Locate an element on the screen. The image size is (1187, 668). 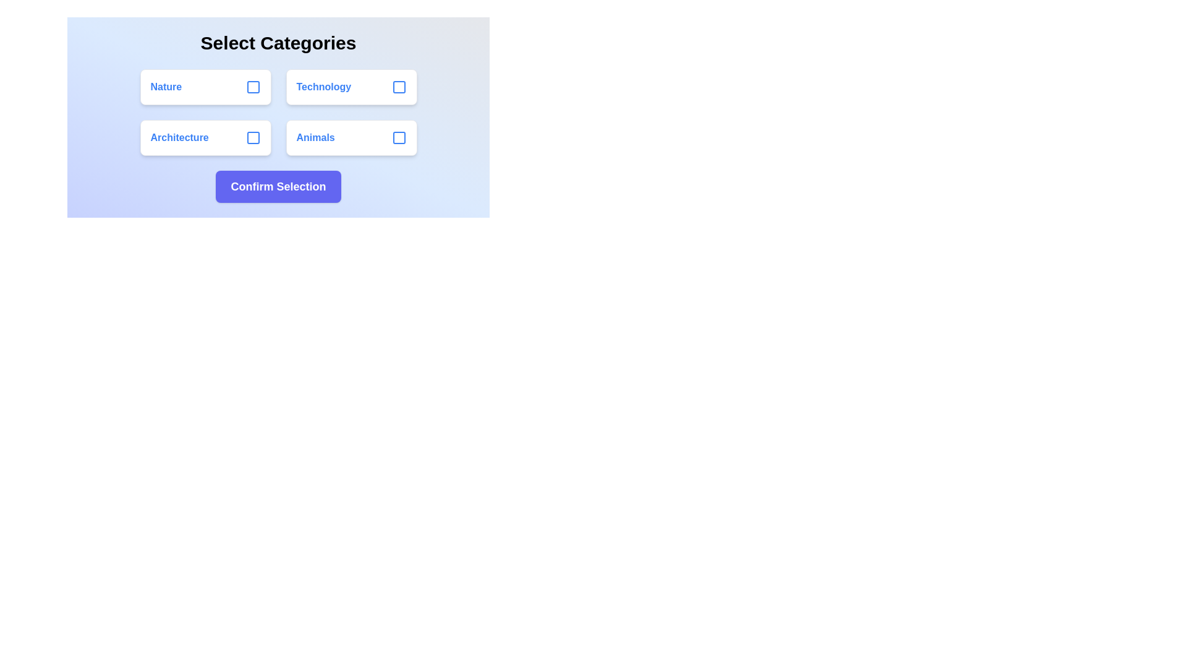
the checkbox corresponding to the category Nature to toggle its selection is located at coordinates (252, 87).